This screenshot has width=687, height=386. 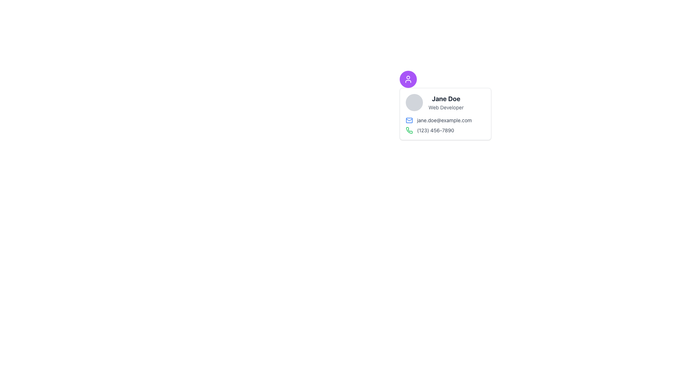 I want to click on the text label displaying 'Jane Doe', which is styled in bold and large font size, located in the user profile block, so click(x=445, y=99).